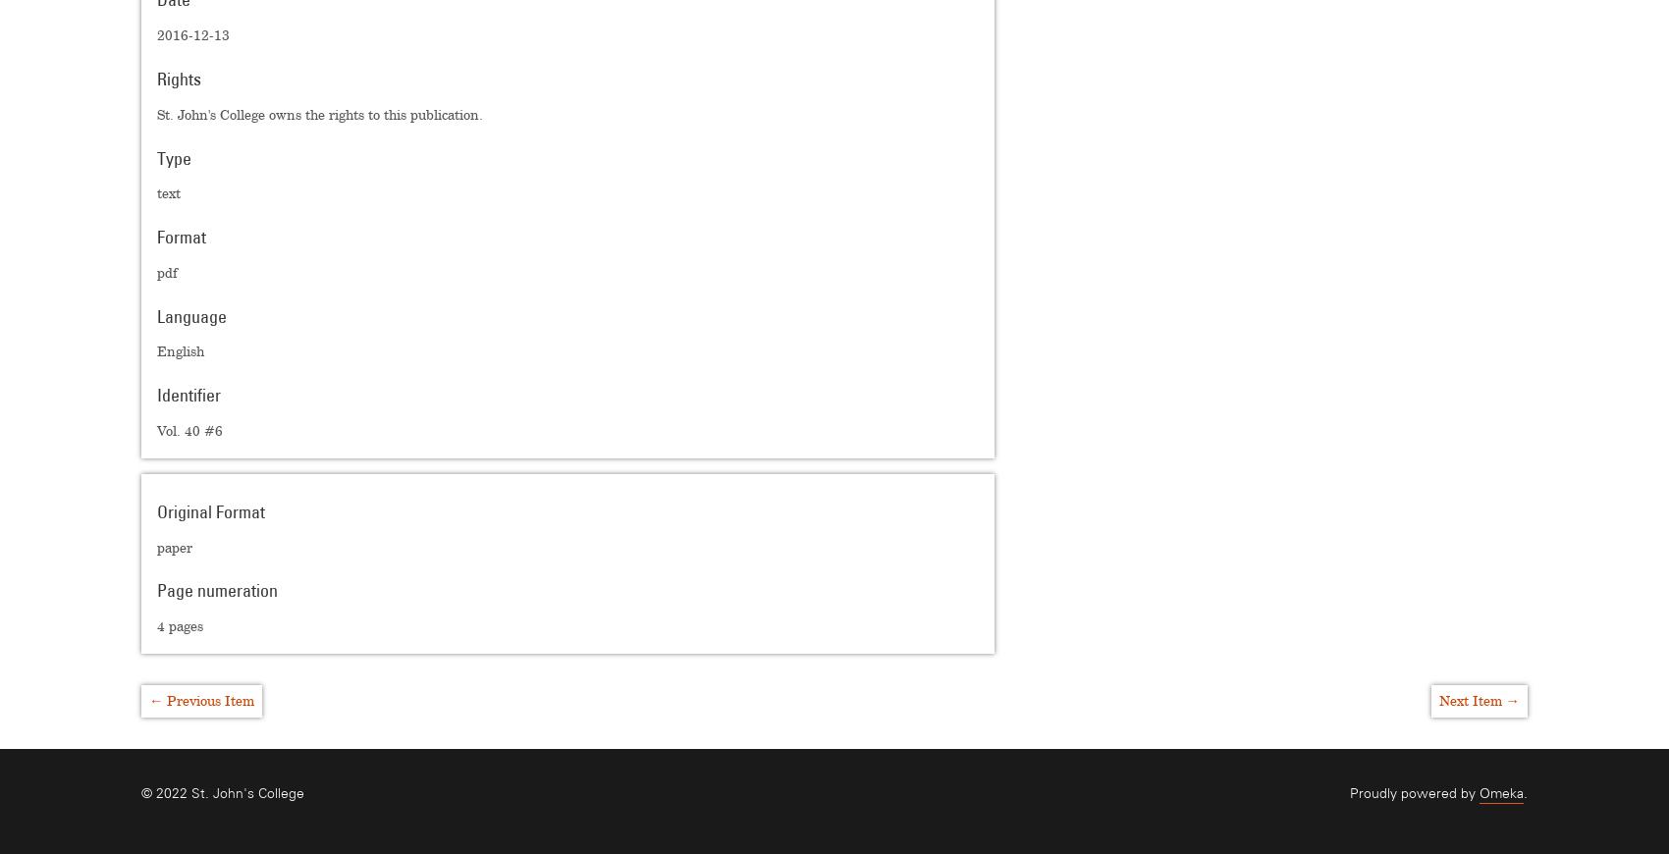 The image size is (1669, 854). What do you see at coordinates (173, 157) in the screenshot?
I see `'Type'` at bounding box center [173, 157].